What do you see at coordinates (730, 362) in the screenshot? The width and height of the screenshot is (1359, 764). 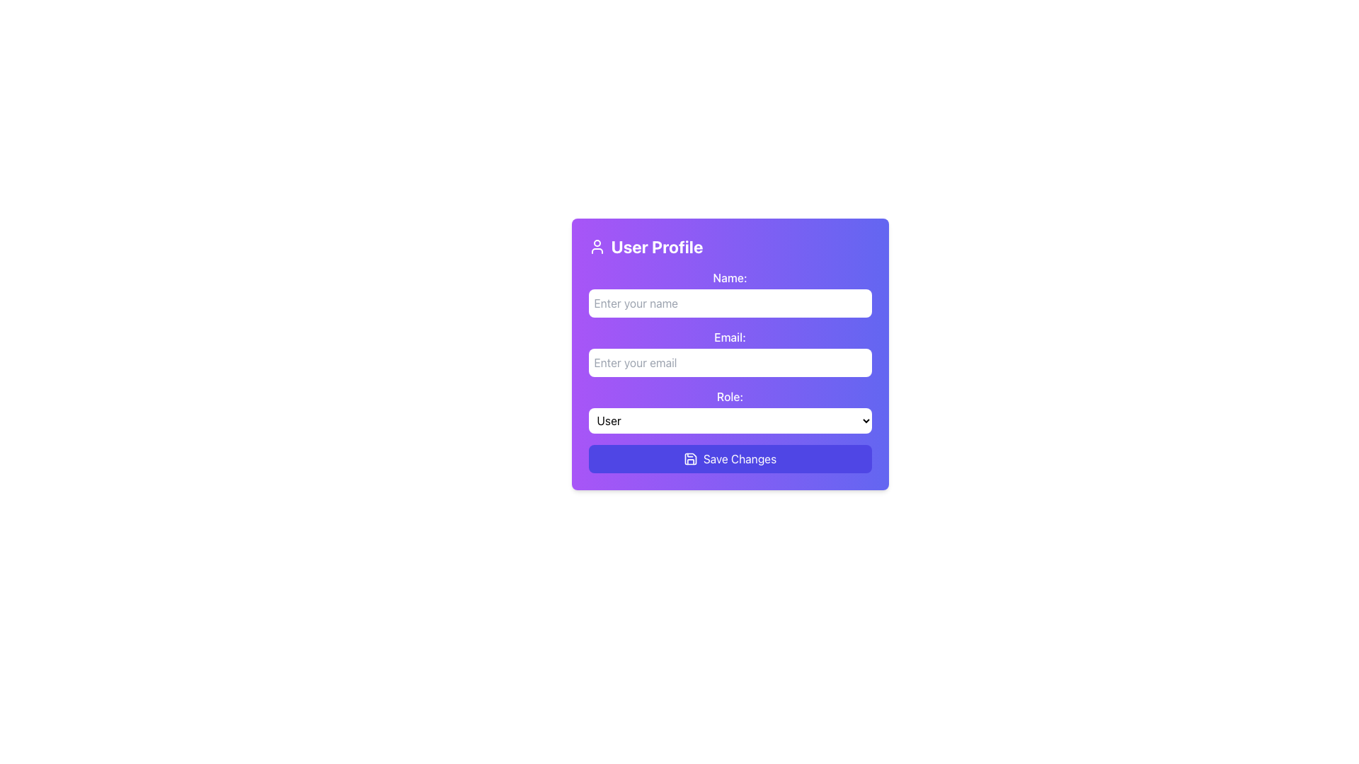 I see `the email input field in the 'User Profile' form` at bounding box center [730, 362].